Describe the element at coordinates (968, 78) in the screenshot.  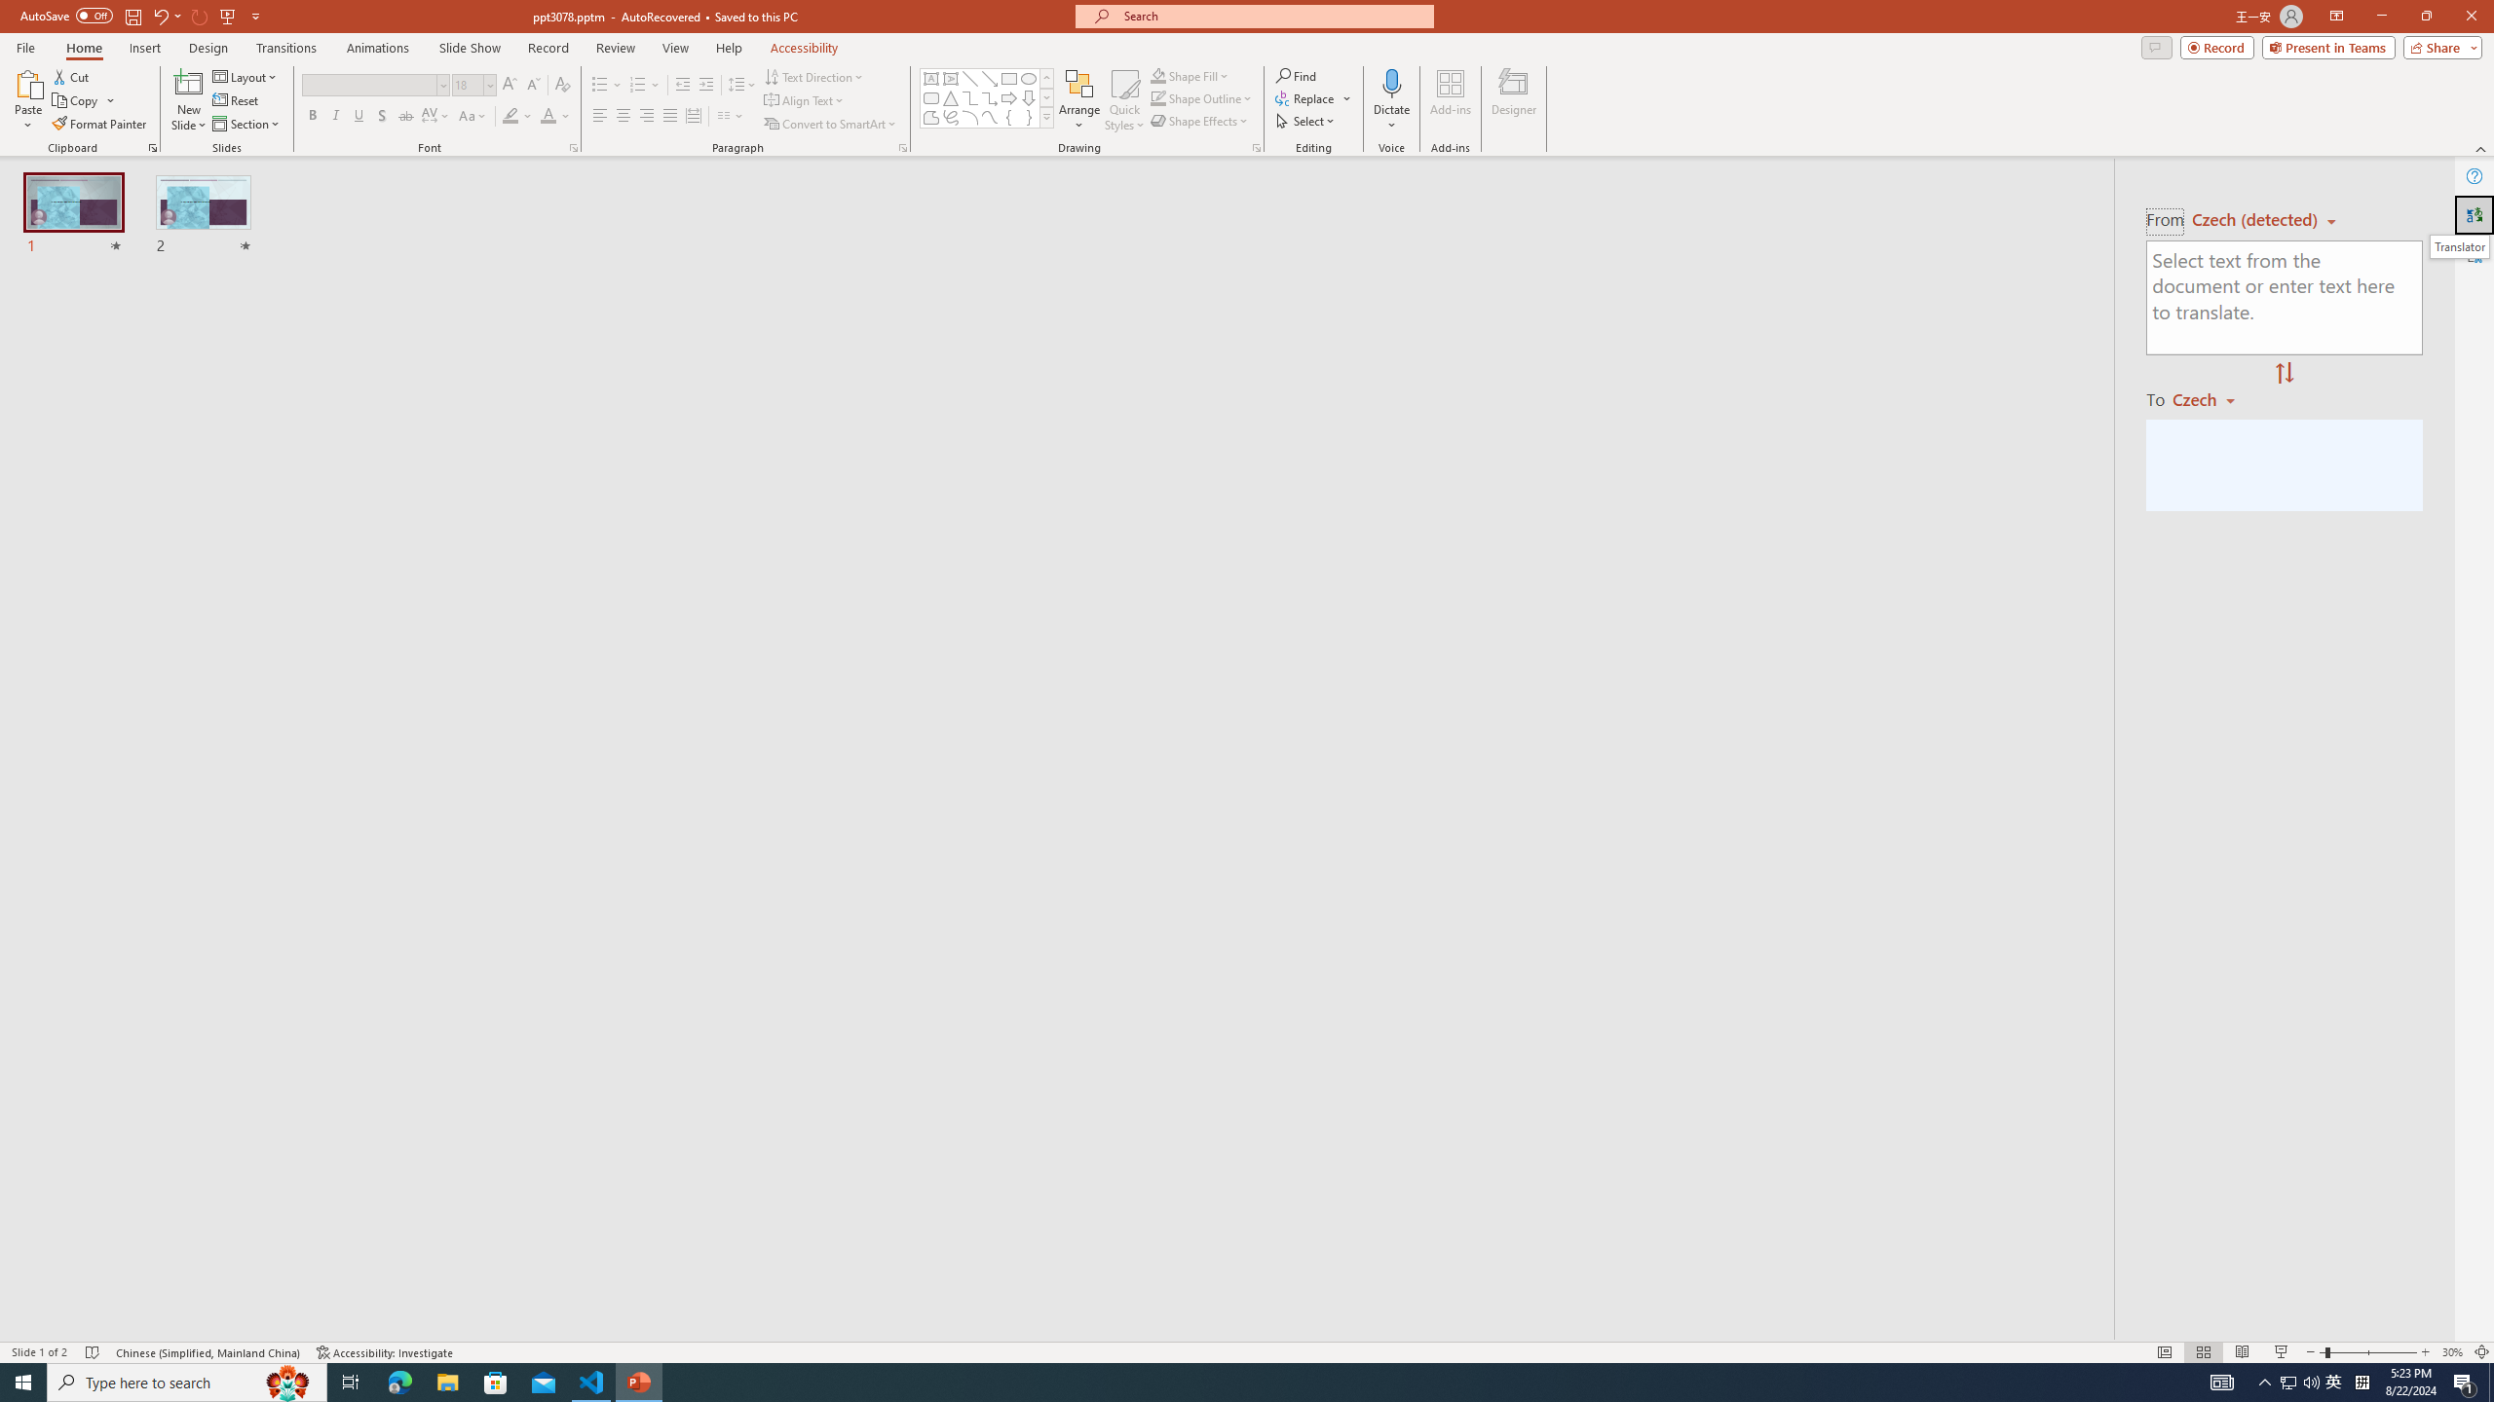
I see `'Line'` at that location.